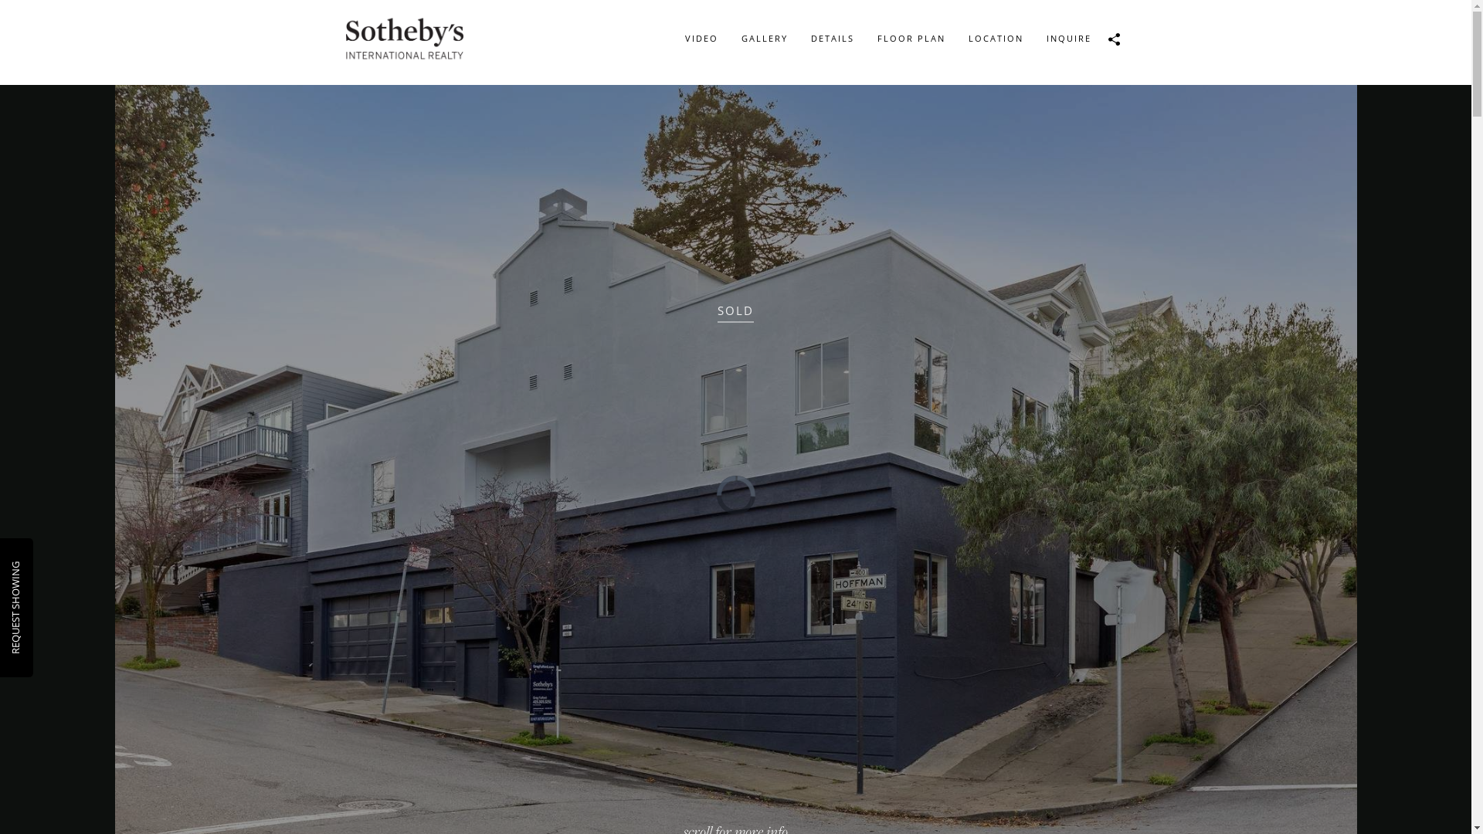 Image resolution: width=1483 pixels, height=834 pixels. What do you see at coordinates (701, 38) in the screenshot?
I see `'VIDEO'` at bounding box center [701, 38].